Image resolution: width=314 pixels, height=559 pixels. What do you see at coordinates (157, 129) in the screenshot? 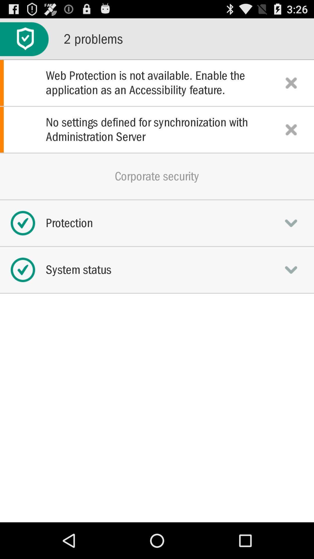
I see `the no settings defined app` at bounding box center [157, 129].